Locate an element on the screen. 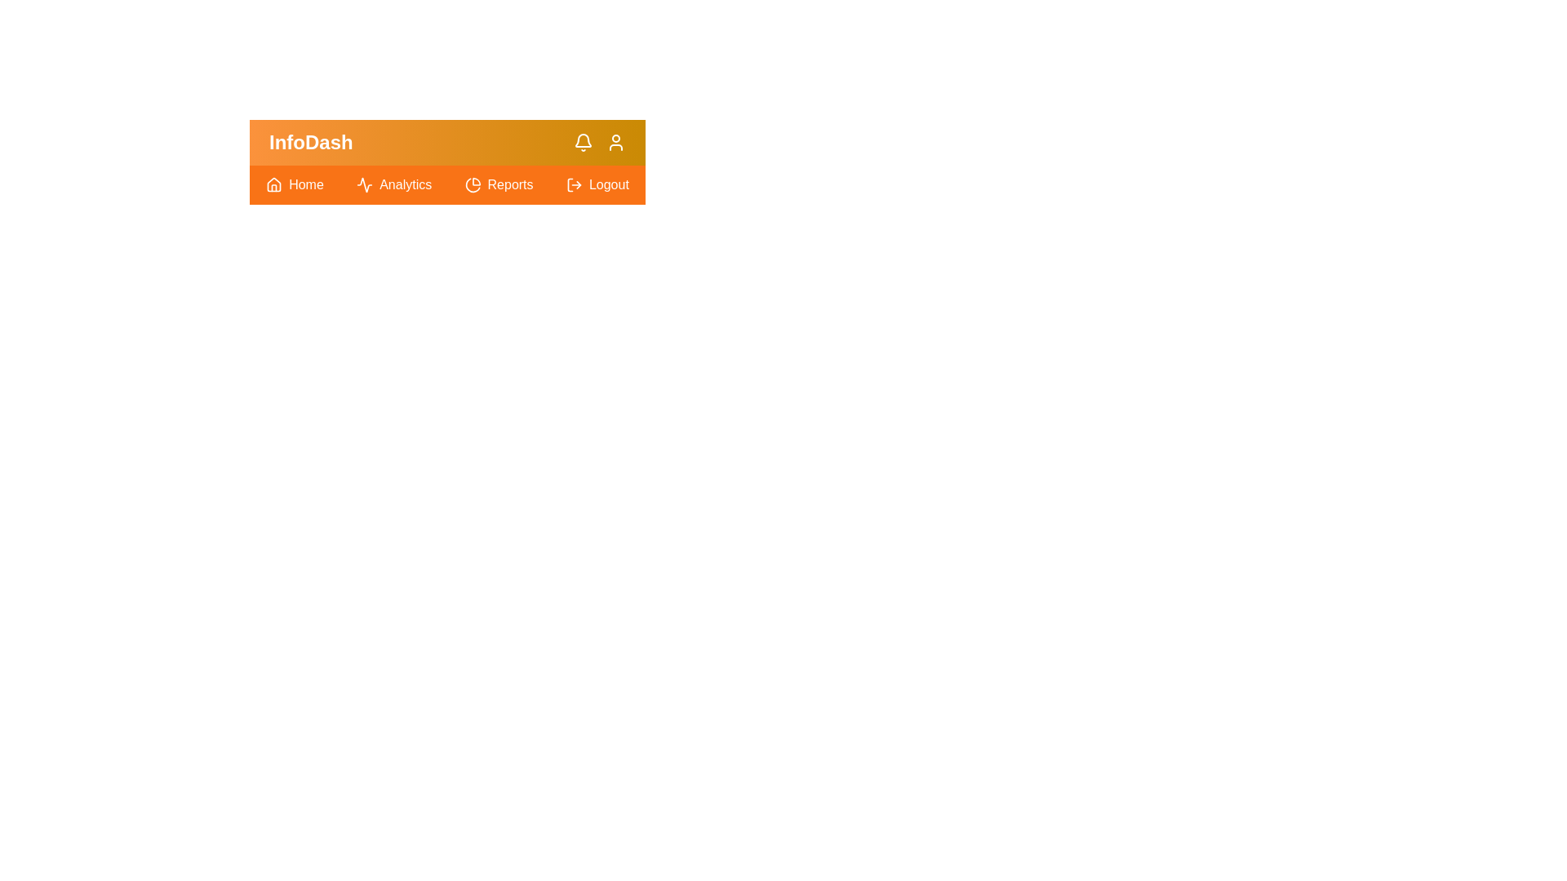 This screenshot has height=881, width=1567. the 'Reports' link to navigate to the reports page is located at coordinates (498, 184).